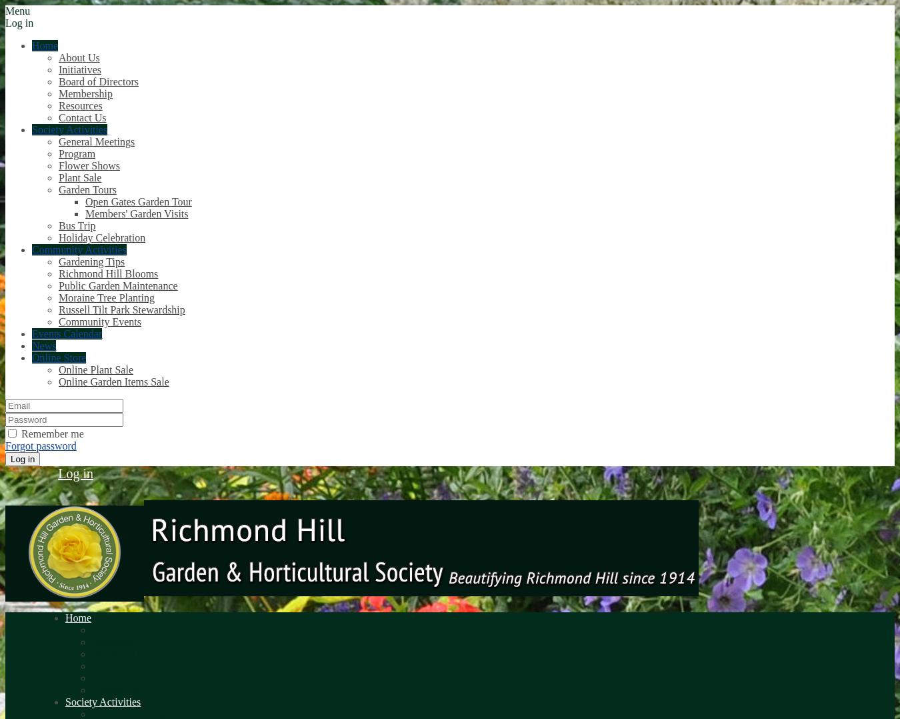  I want to click on 'Richmond Hill Blooms', so click(108, 273).